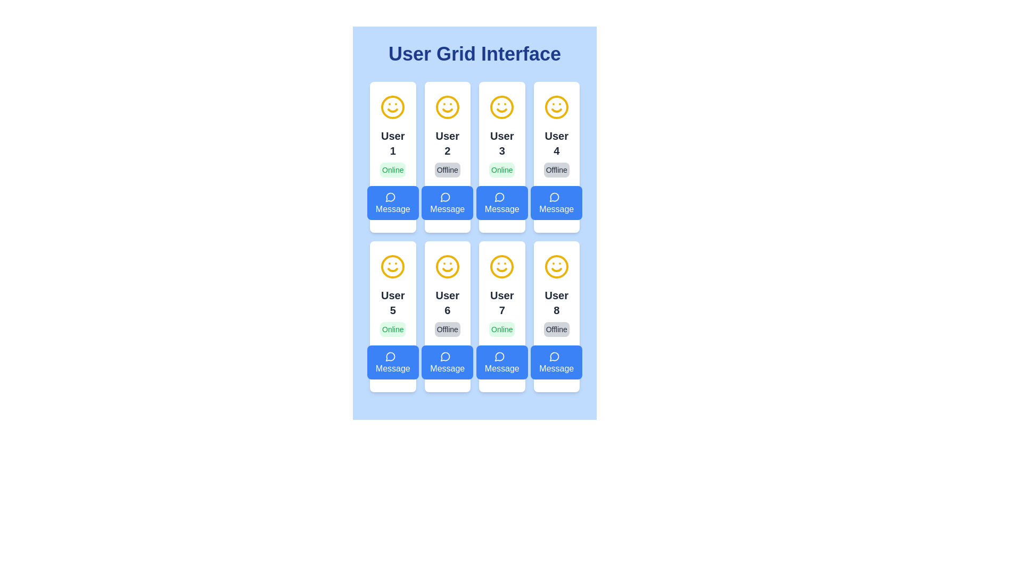 This screenshot has height=574, width=1022. What do you see at coordinates (556, 107) in the screenshot?
I see `the decorative icon representing the smiley face for user 'User 4', located at the top section of the card` at bounding box center [556, 107].